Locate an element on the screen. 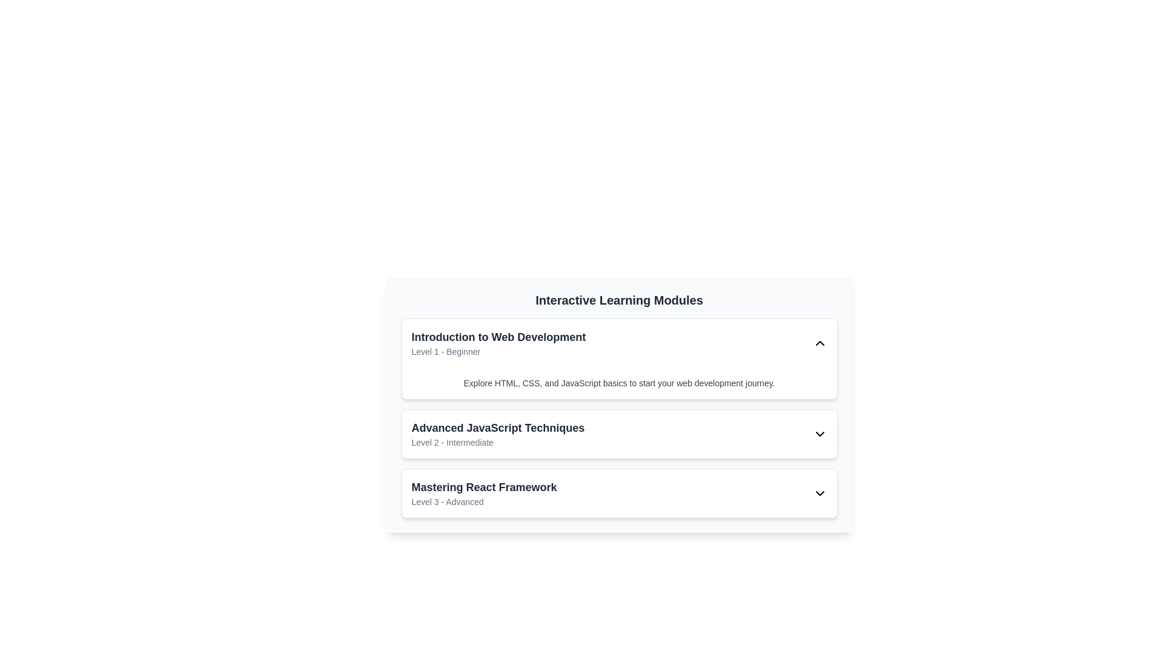 This screenshot has width=1163, height=654. the chevron-down icon for the 'Advanced JavaScript Techniques' section is located at coordinates (820, 434).